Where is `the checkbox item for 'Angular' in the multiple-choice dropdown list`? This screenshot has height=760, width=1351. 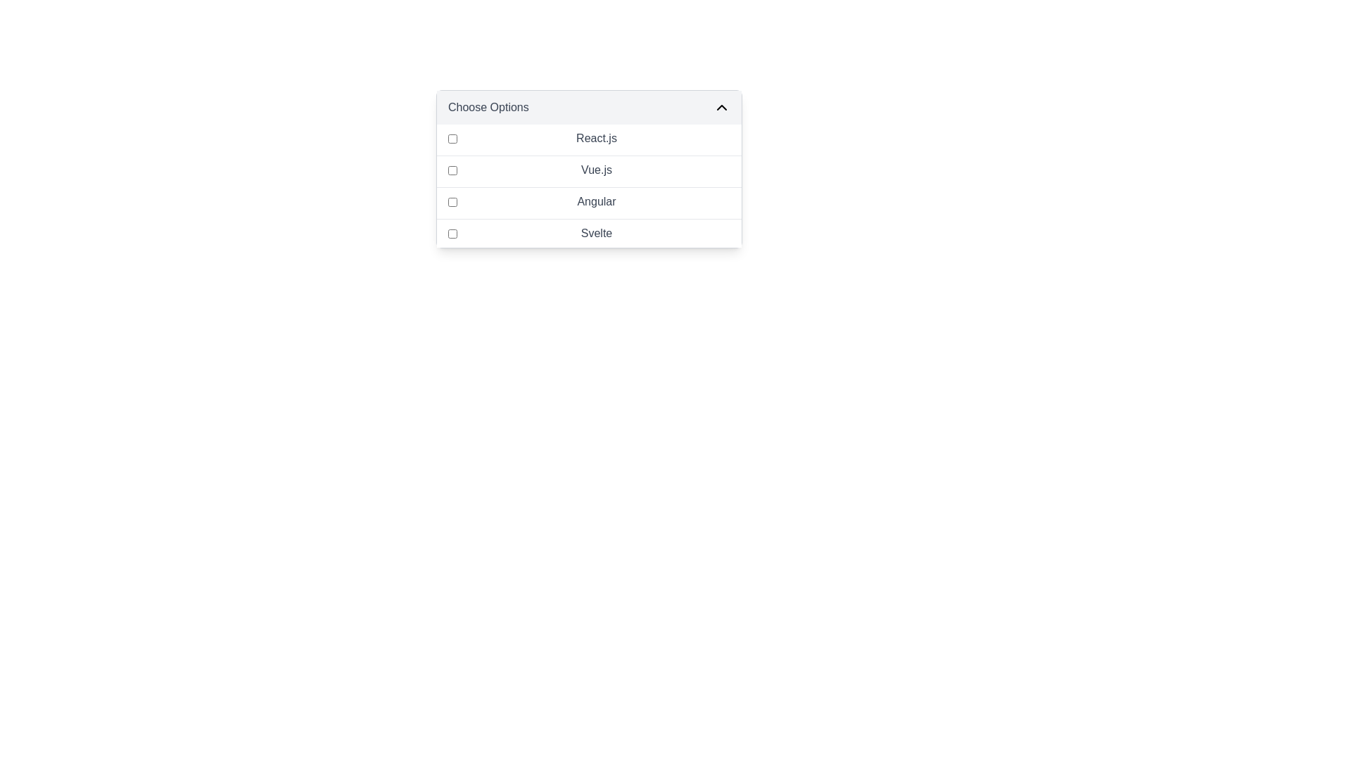
the checkbox item for 'Angular' in the multiple-choice dropdown list is located at coordinates (589, 201).